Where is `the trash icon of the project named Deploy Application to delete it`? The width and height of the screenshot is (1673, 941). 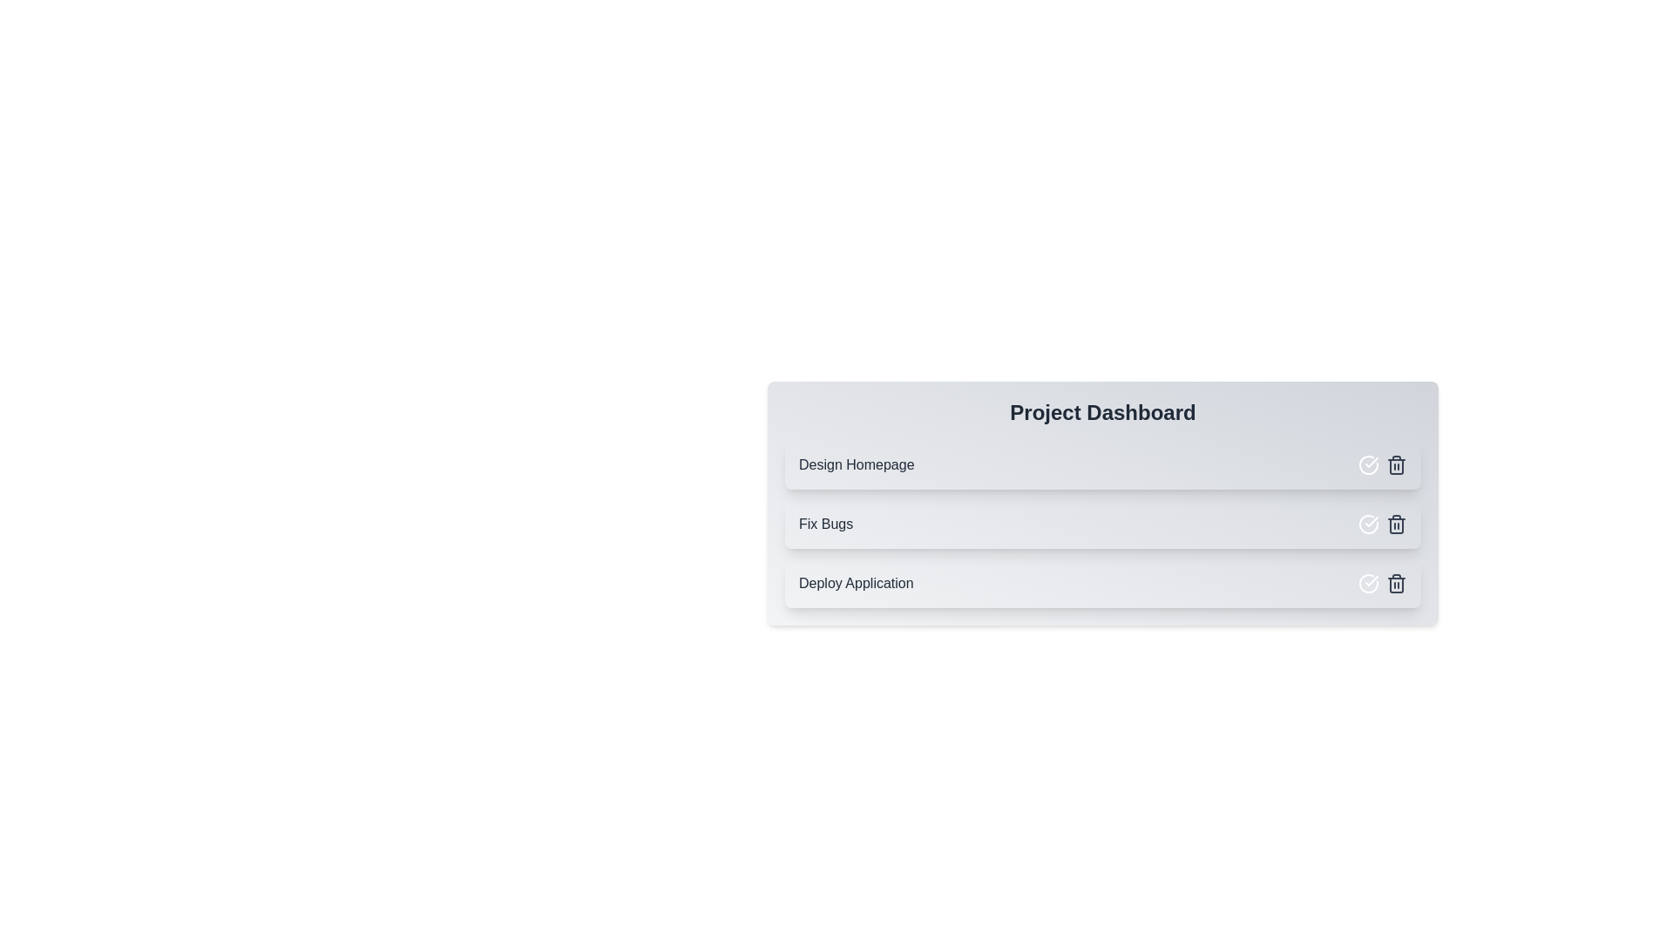 the trash icon of the project named Deploy Application to delete it is located at coordinates (1397, 584).